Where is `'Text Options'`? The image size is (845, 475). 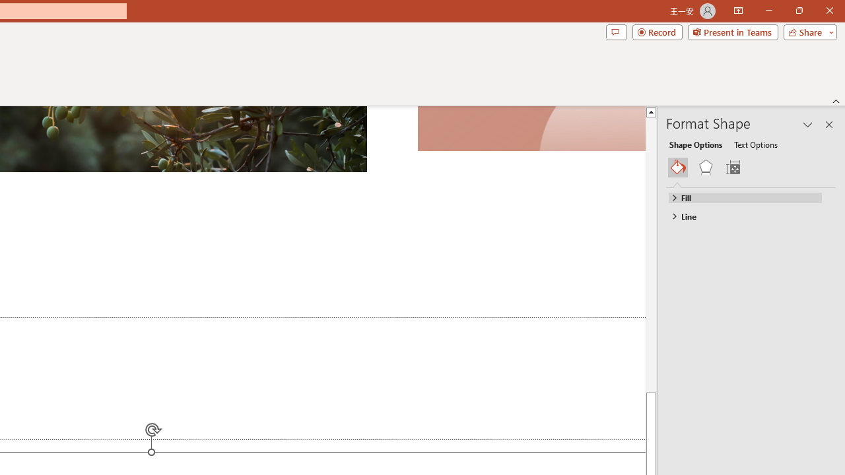
'Text Options' is located at coordinates (755, 144).